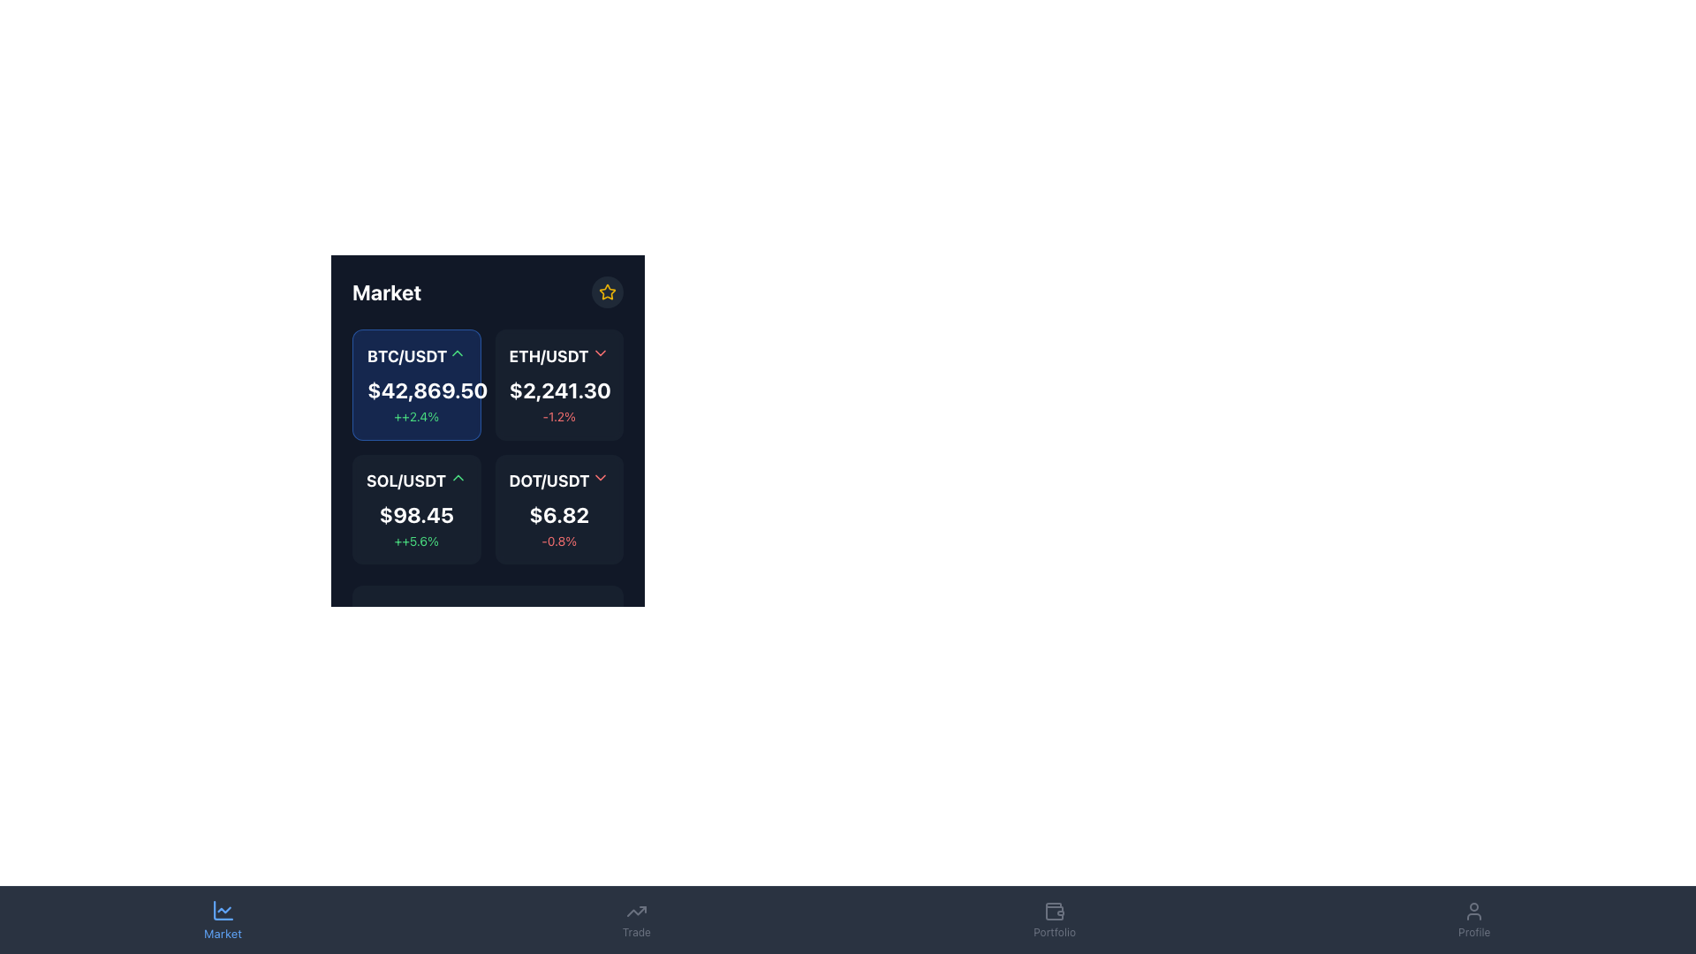  Describe the element at coordinates (558, 390) in the screenshot. I see `the text label displaying the monetary value '$2,241.30', which is positioned below the title 'ETH/USDT' and above a percentage change text in the upper-right quadrant of the currency pair's information card` at that location.